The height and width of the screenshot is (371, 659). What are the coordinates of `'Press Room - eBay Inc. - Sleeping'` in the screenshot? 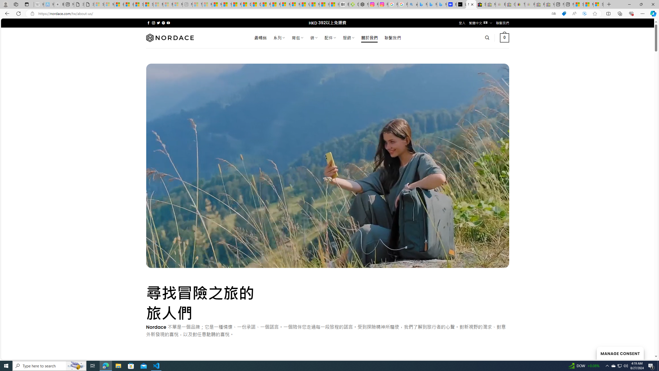 It's located at (539, 4).